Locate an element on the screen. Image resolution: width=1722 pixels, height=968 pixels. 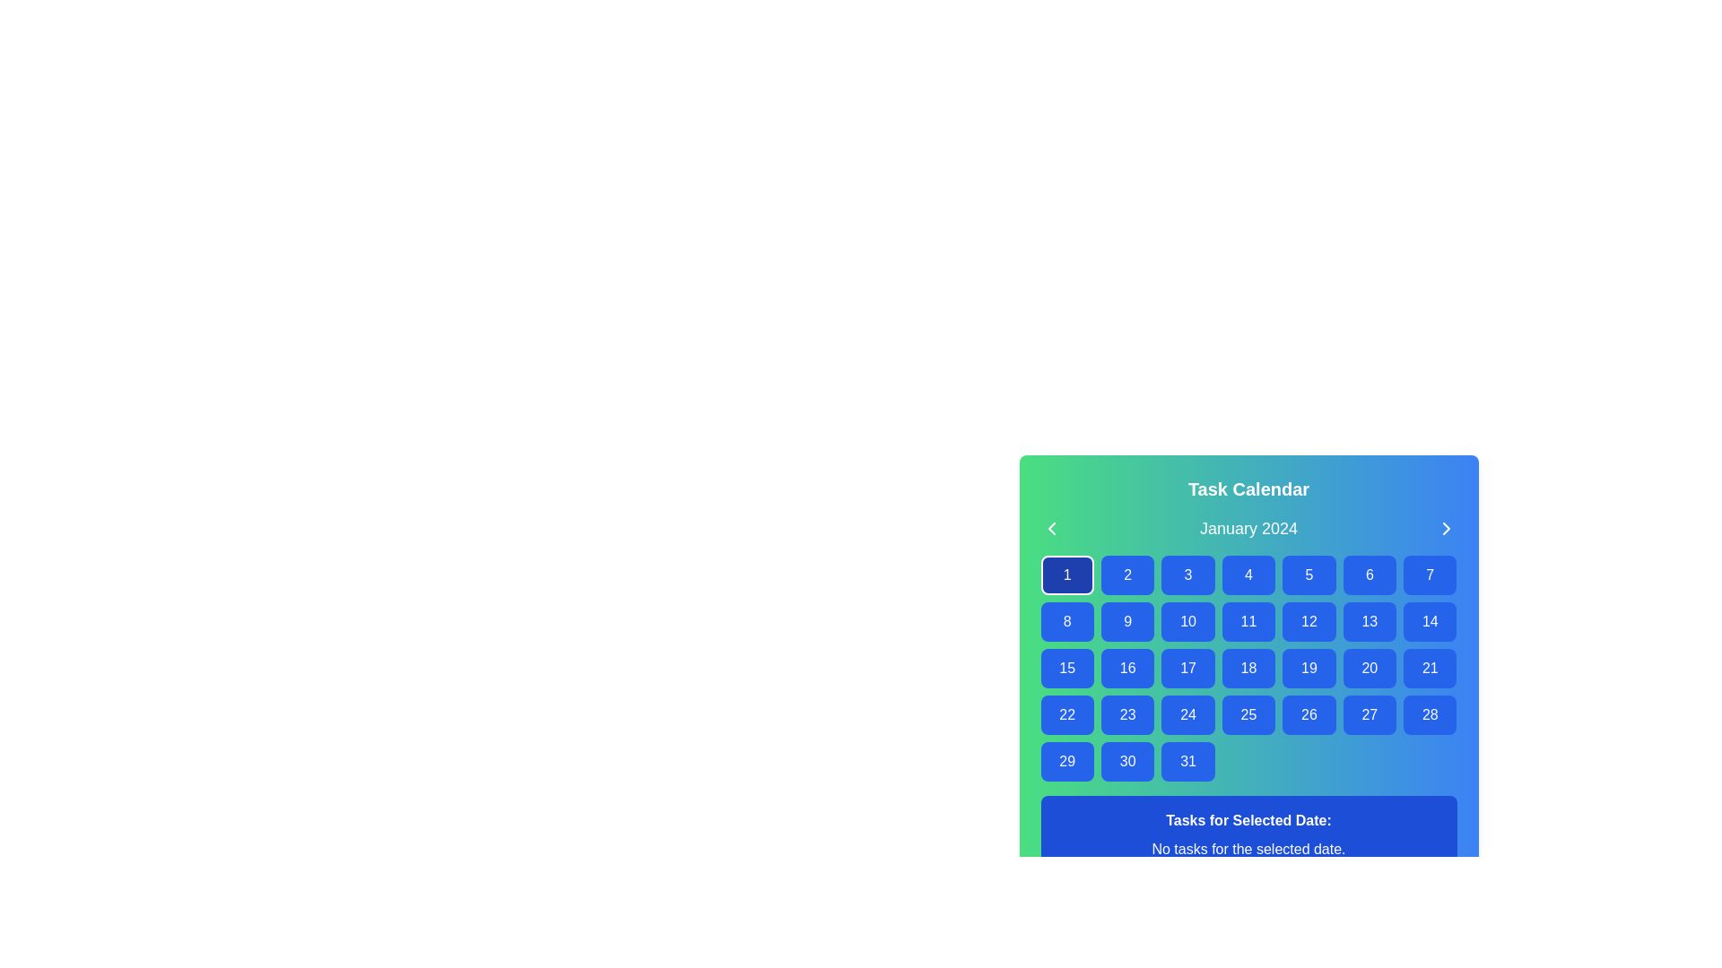
the button representing the date '12' in the January 2024 calendar is located at coordinates (1309, 621).